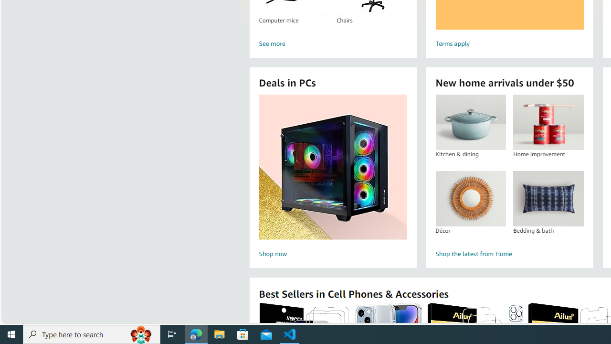 Image resolution: width=611 pixels, height=344 pixels. Describe the element at coordinates (470, 122) in the screenshot. I see `'Kitchen & dining'` at that location.